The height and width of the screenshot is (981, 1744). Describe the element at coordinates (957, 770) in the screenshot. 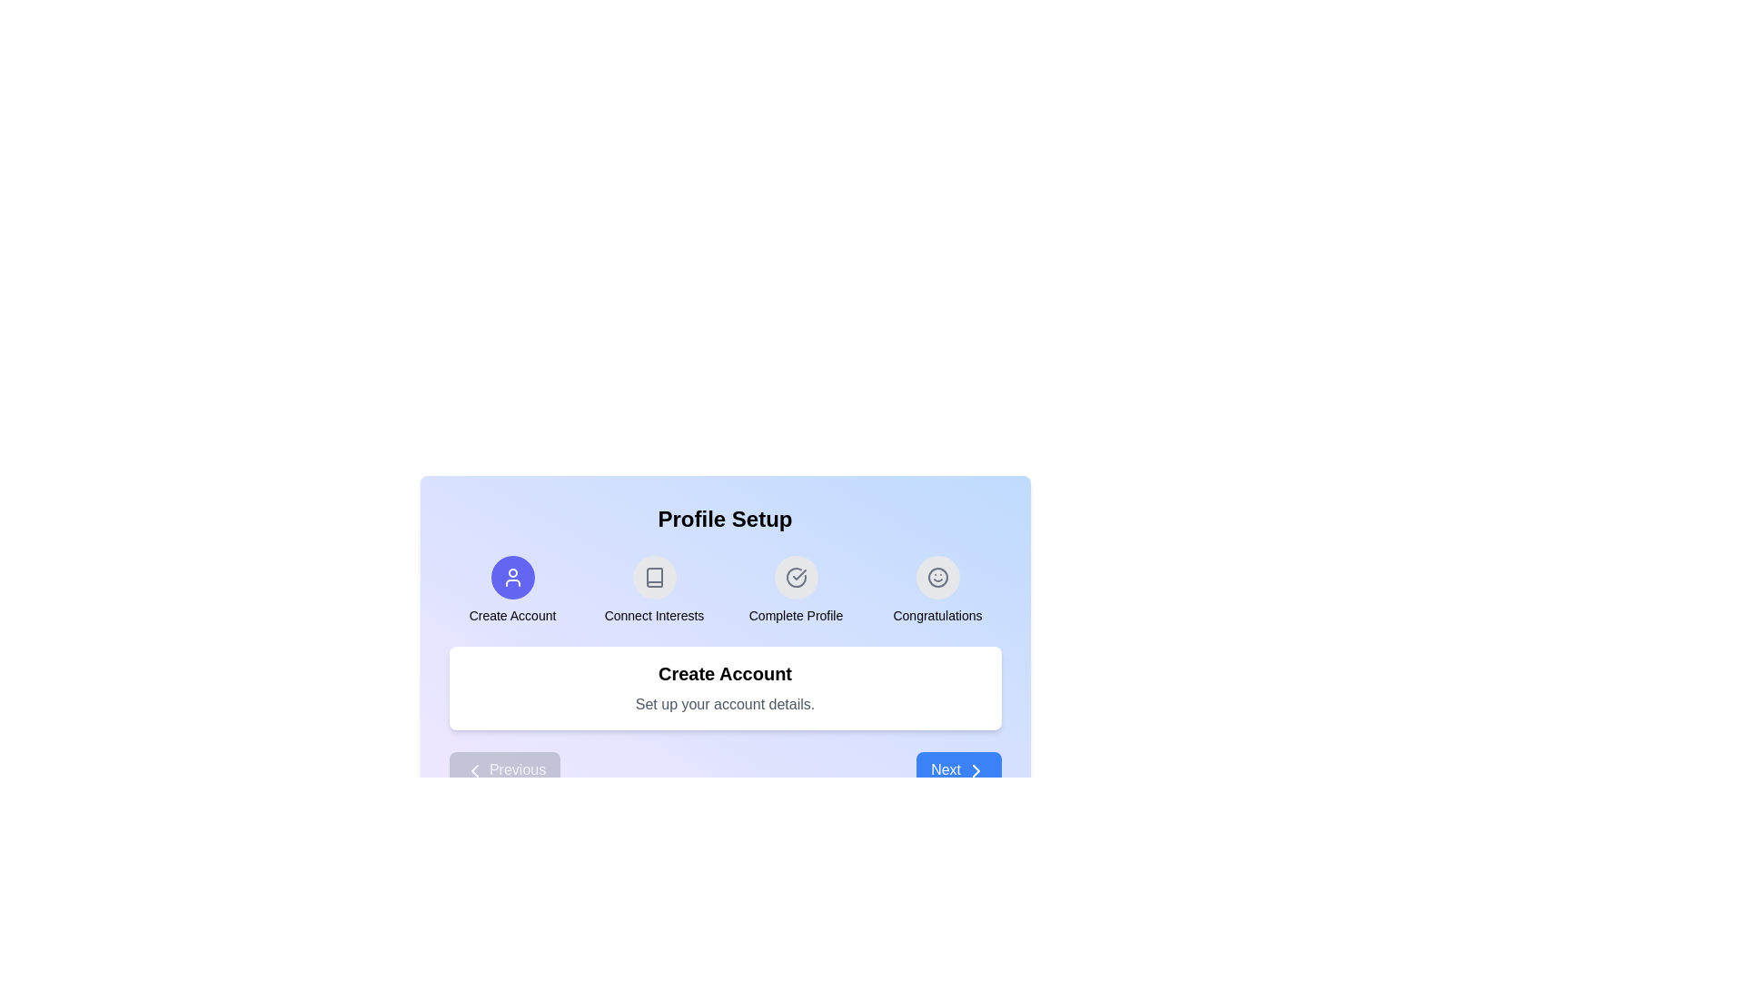

I see `the 'Next' button to proceed to the next stage` at that location.